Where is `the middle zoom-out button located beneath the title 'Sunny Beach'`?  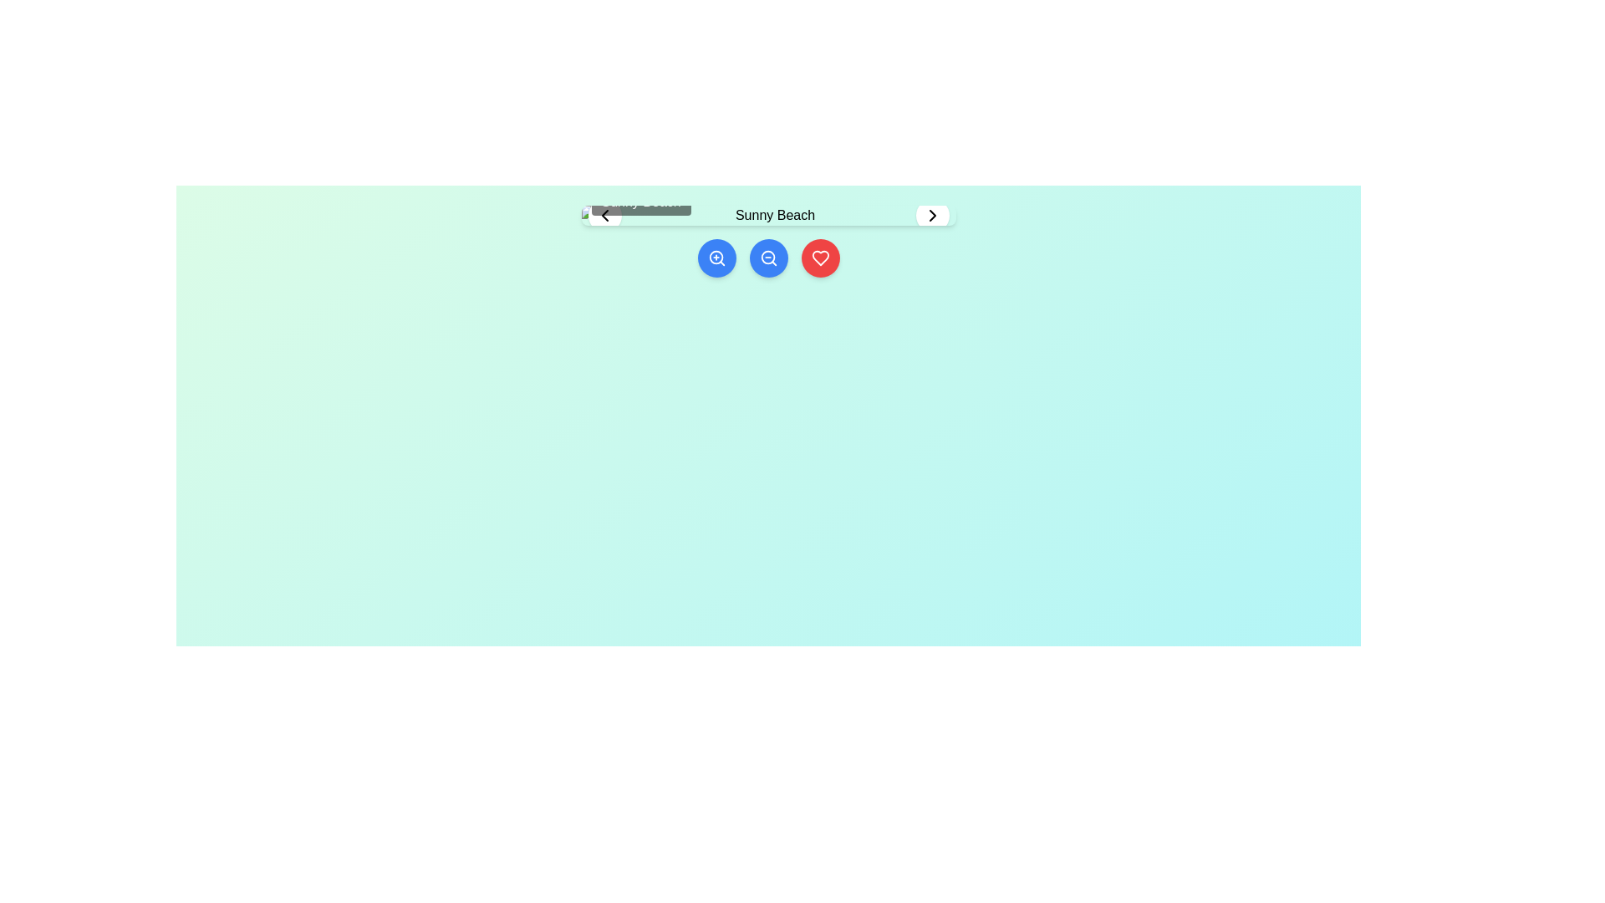
the middle zoom-out button located beneath the title 'Sunny Beach' is located at coordinates (767, 258).